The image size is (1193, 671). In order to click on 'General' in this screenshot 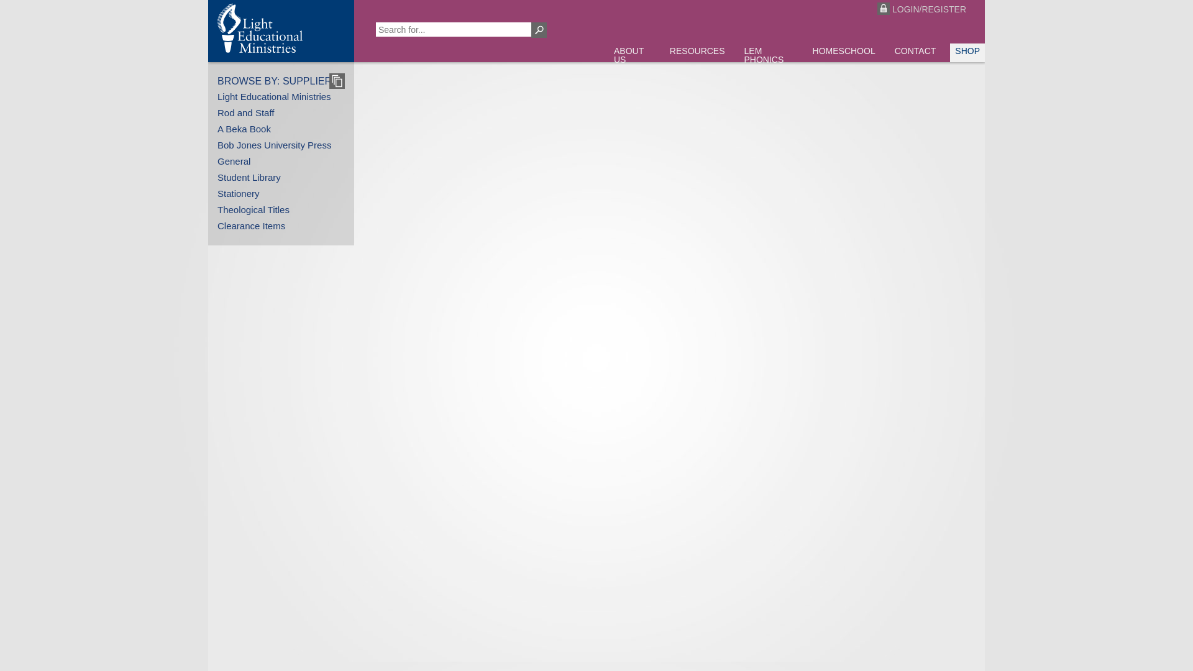, I will do `click(217, 160)`.